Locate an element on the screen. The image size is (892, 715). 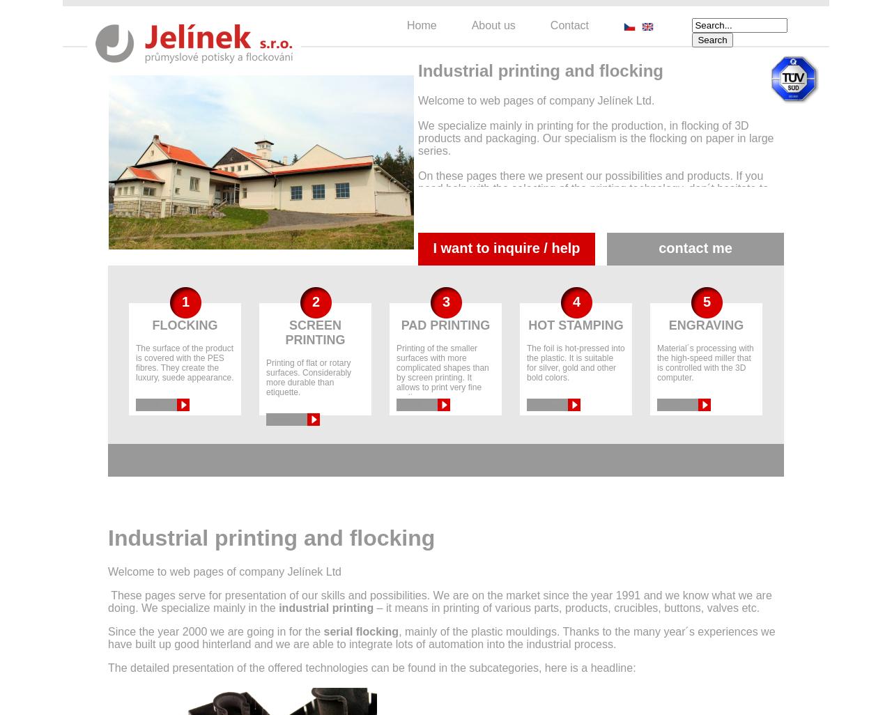
'SCREEN PRINTING' is located at coordinates (314, 332).